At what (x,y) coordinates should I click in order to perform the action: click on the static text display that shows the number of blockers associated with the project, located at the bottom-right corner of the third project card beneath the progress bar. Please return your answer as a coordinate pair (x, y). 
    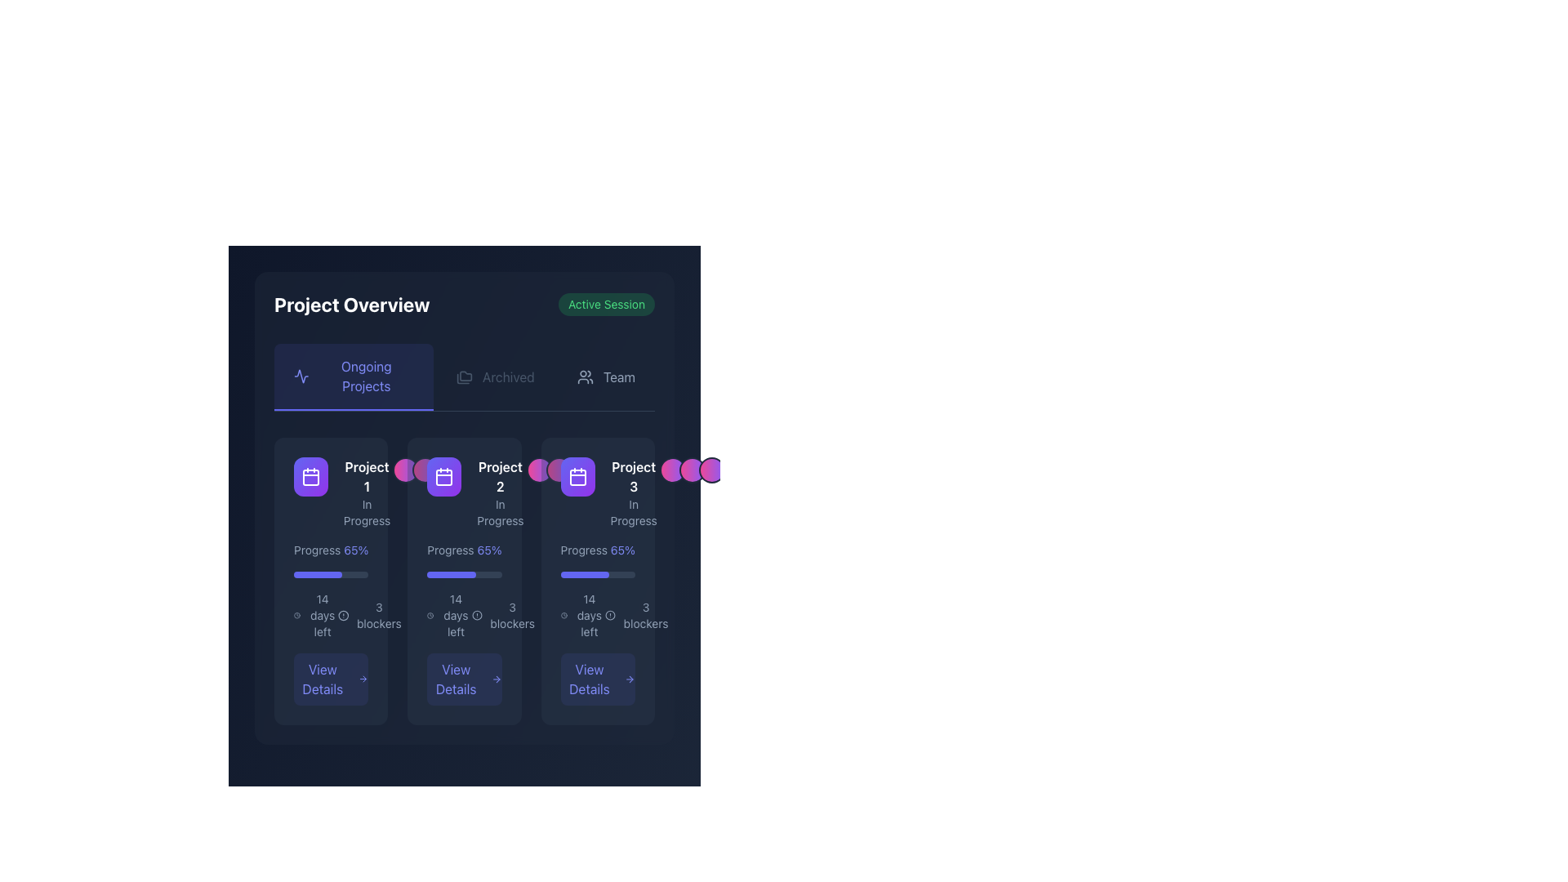
    Looking at the image, I should click on (645, 615).